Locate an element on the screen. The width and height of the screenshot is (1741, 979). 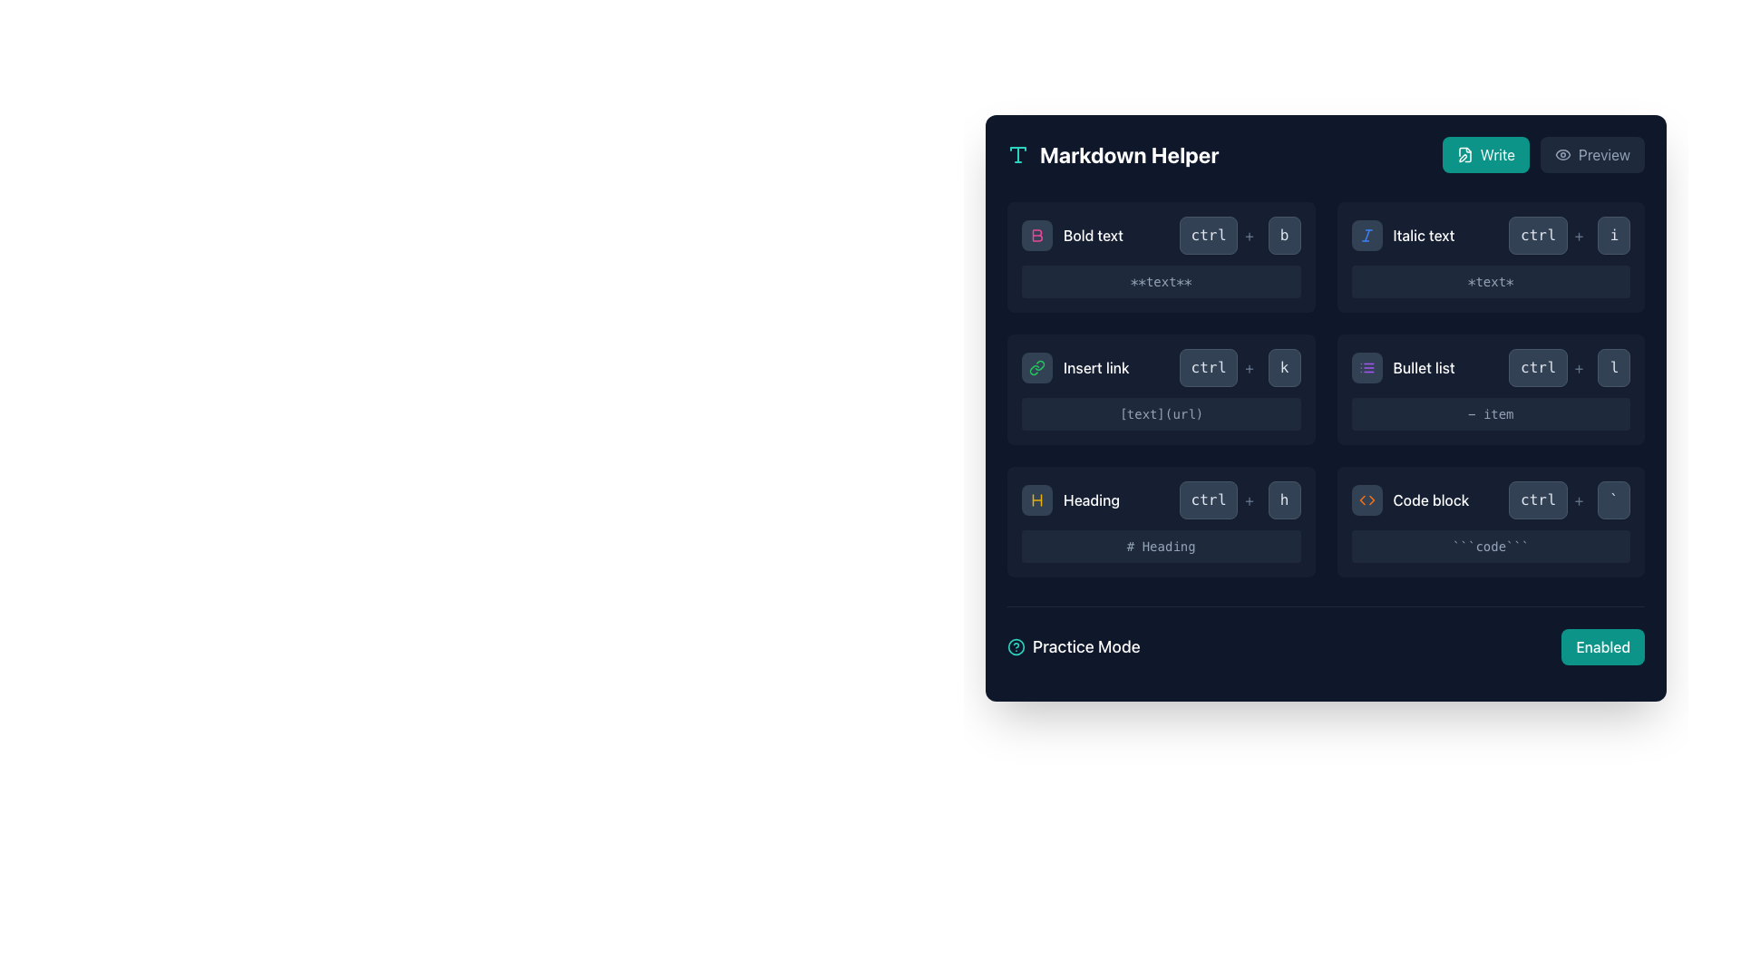
the italic formatting button located in the top-right corner of the grid layout is located at coordinates (1367, 234).